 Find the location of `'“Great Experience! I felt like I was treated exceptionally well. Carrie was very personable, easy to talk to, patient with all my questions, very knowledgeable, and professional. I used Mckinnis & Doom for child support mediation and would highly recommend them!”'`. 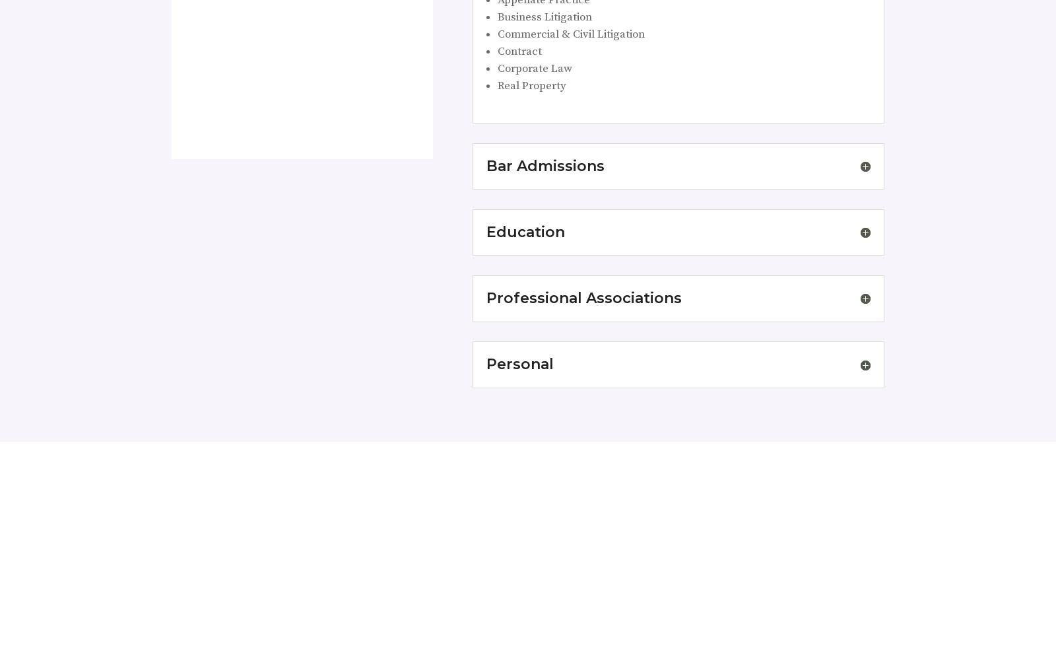

'“Great Experience! I felt like I was treated exceptionally well. Carrie was very personable, easy to talk to, patient with all my questions, very knowledgeable, and professional. I used Mckinnis & Doom for child support mediation and would highly recommend them!”' is located at coordinates (378, 541).